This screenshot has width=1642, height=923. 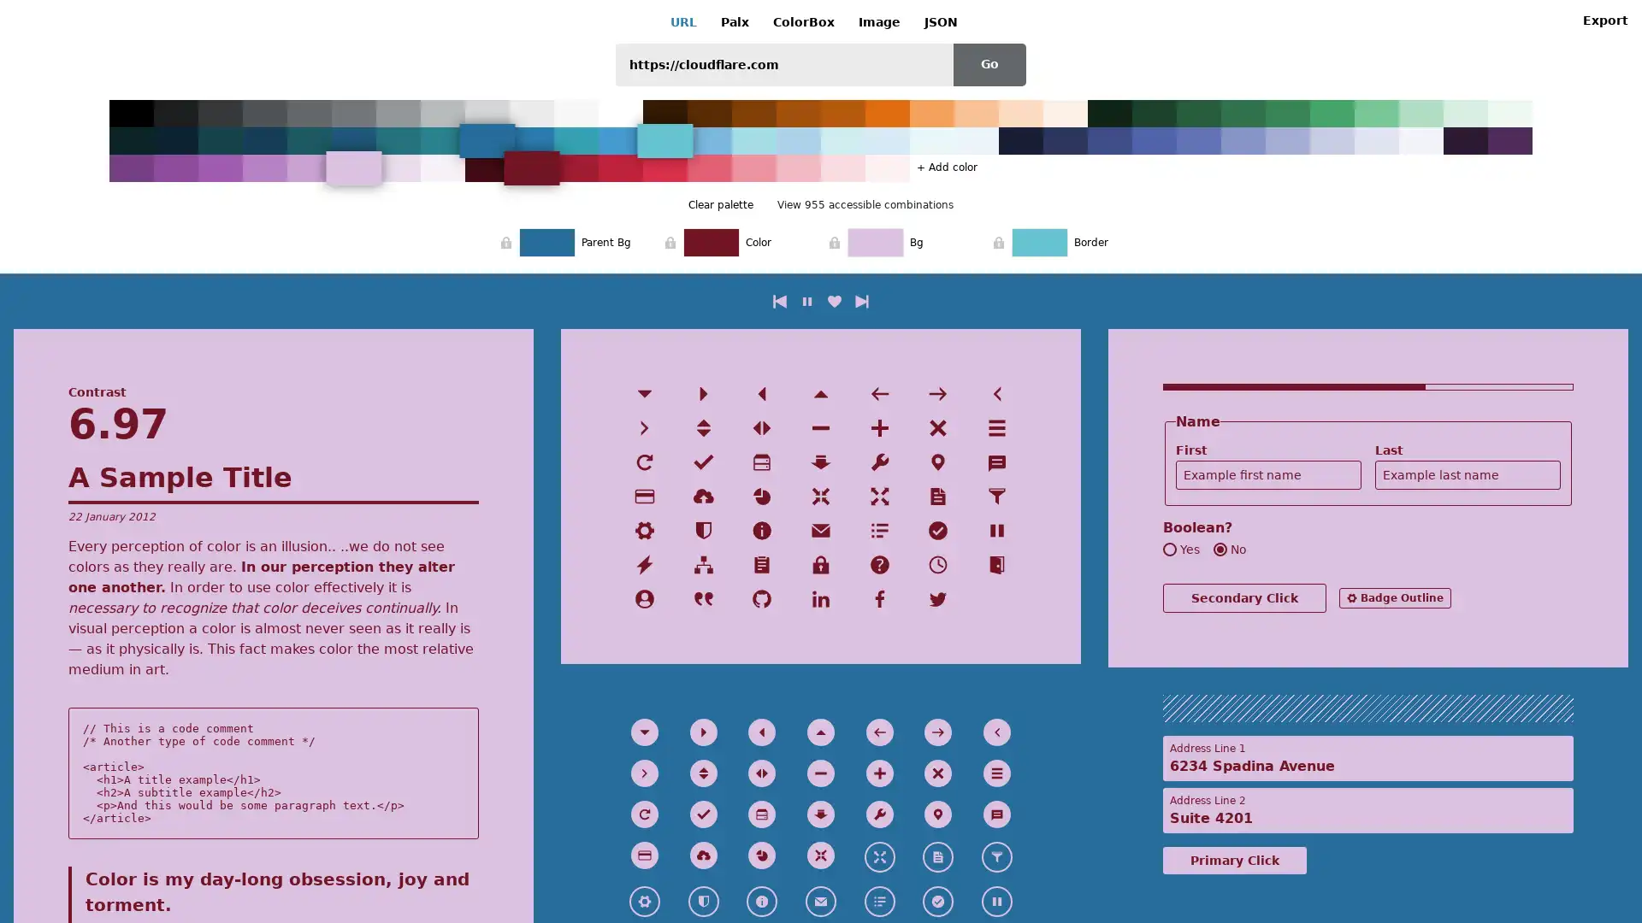 What do you see at coordinates (735, 22) in the screenshot?
I see `Palx` at bounding box center [735, 22].